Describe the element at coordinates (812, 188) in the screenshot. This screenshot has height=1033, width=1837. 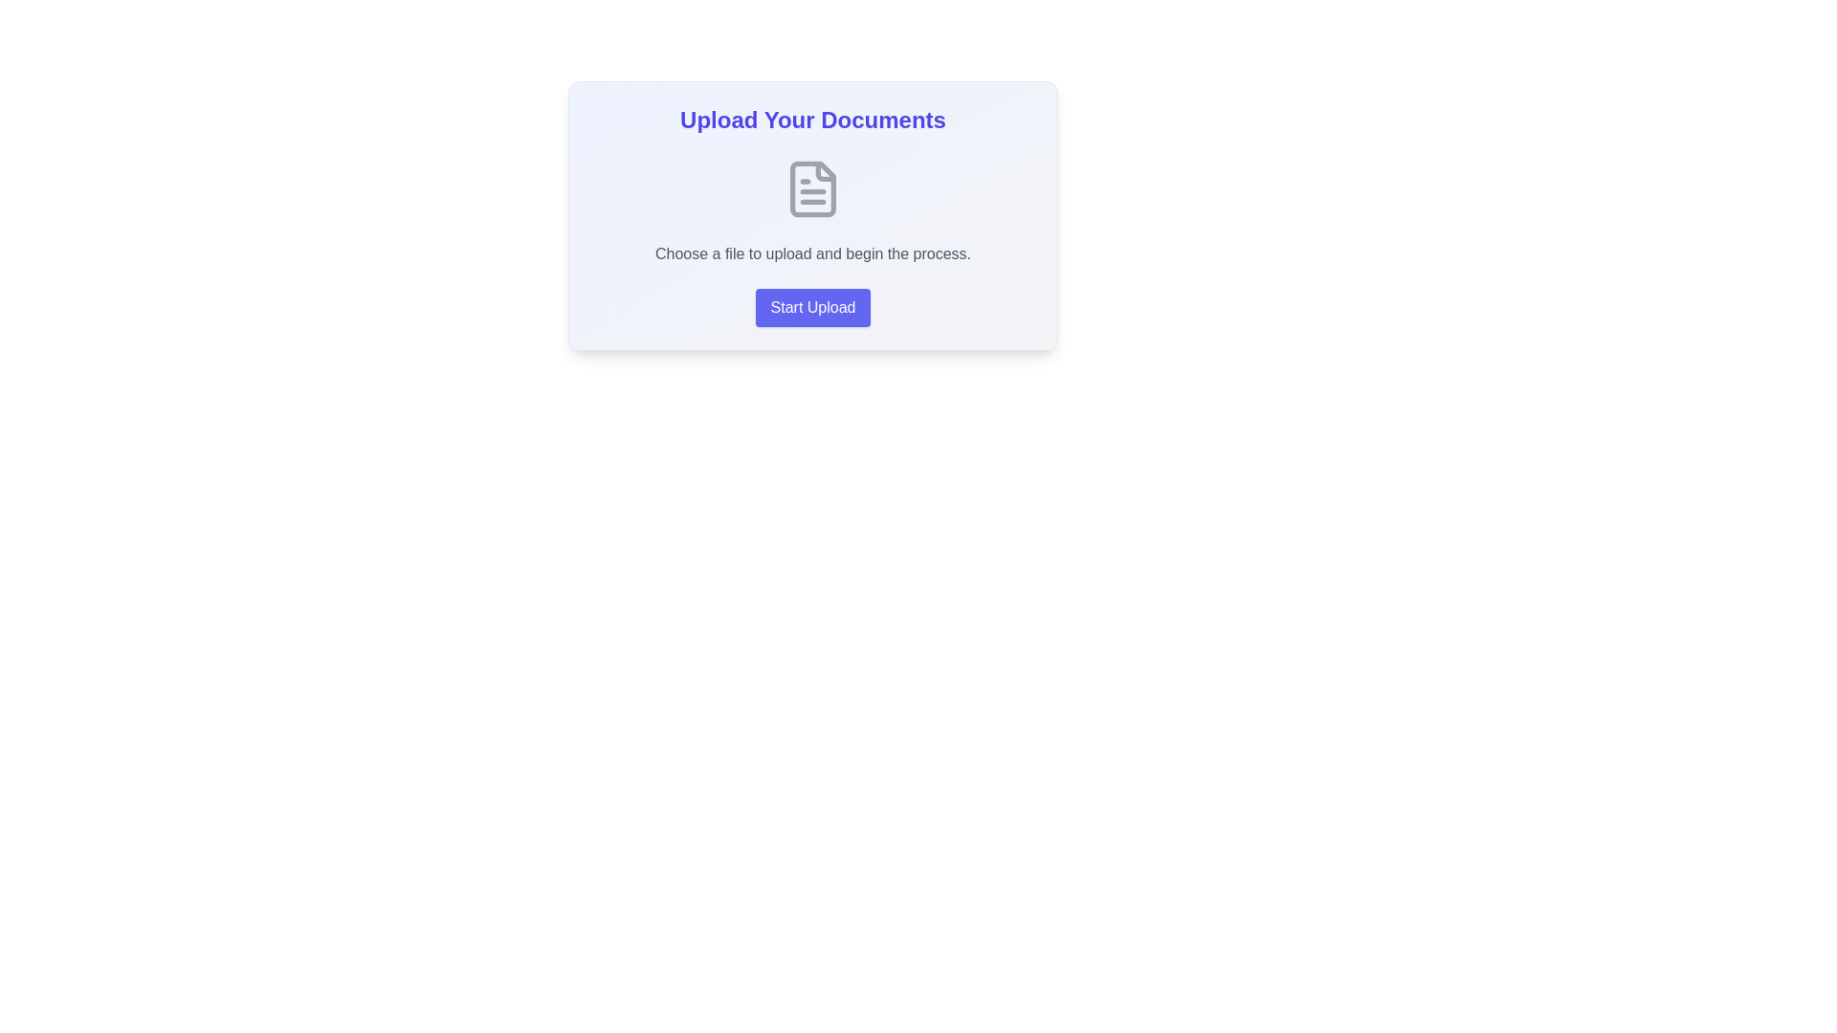
I see `the file upload icon that represents the document upload process, centrally located in the 'Upload Your Documents' card above the text 'Choose a file to upload and begin the process'` at that location.